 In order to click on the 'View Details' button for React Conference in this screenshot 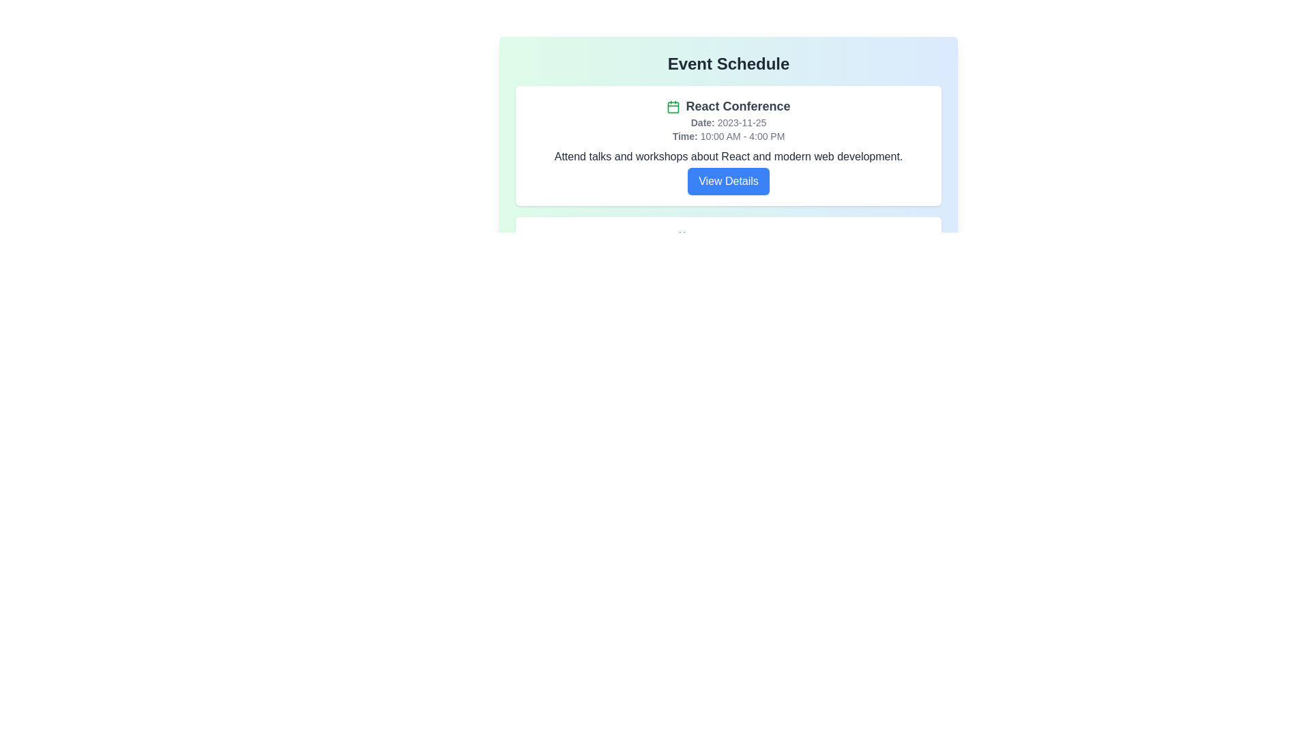, I will do `click(728, 181)`.